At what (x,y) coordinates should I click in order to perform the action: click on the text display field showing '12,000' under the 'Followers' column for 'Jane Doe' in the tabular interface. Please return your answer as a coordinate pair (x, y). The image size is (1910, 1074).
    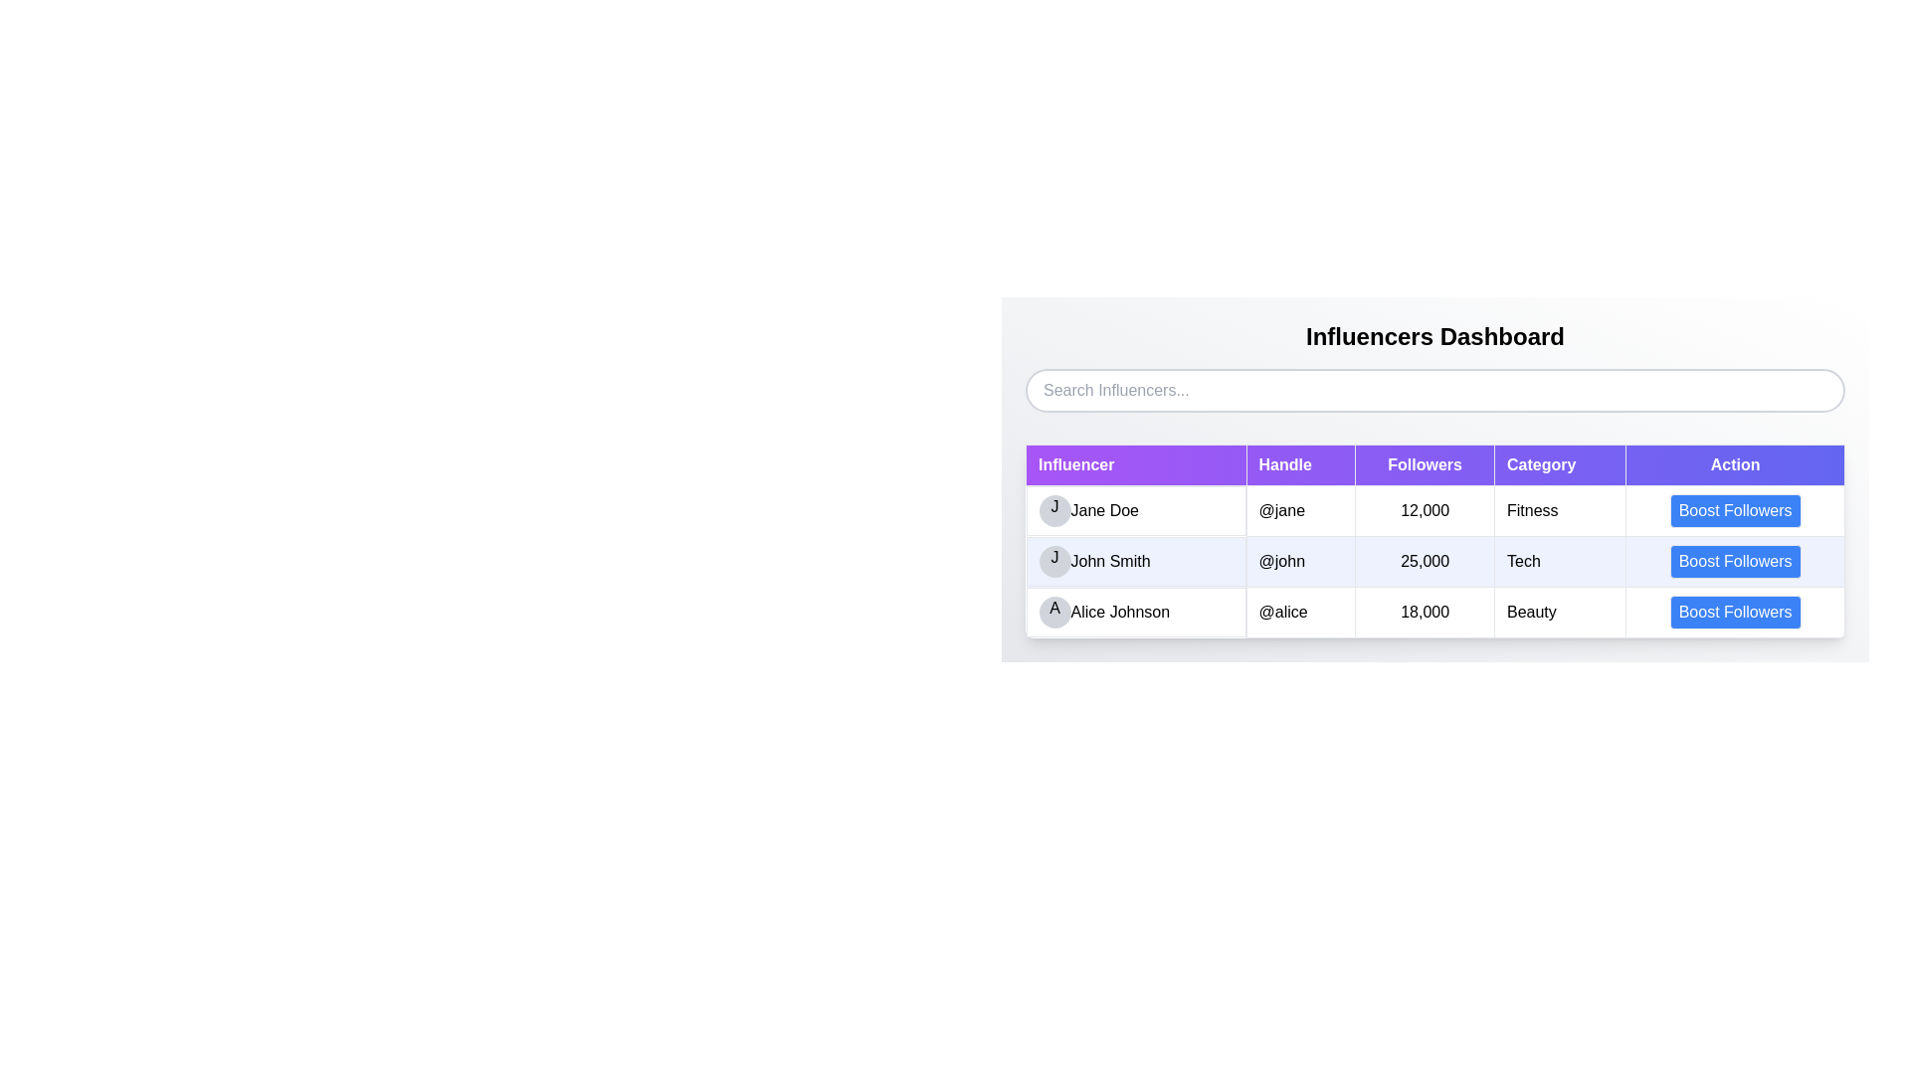
    Looking at the image, I should click on (1424, 509).